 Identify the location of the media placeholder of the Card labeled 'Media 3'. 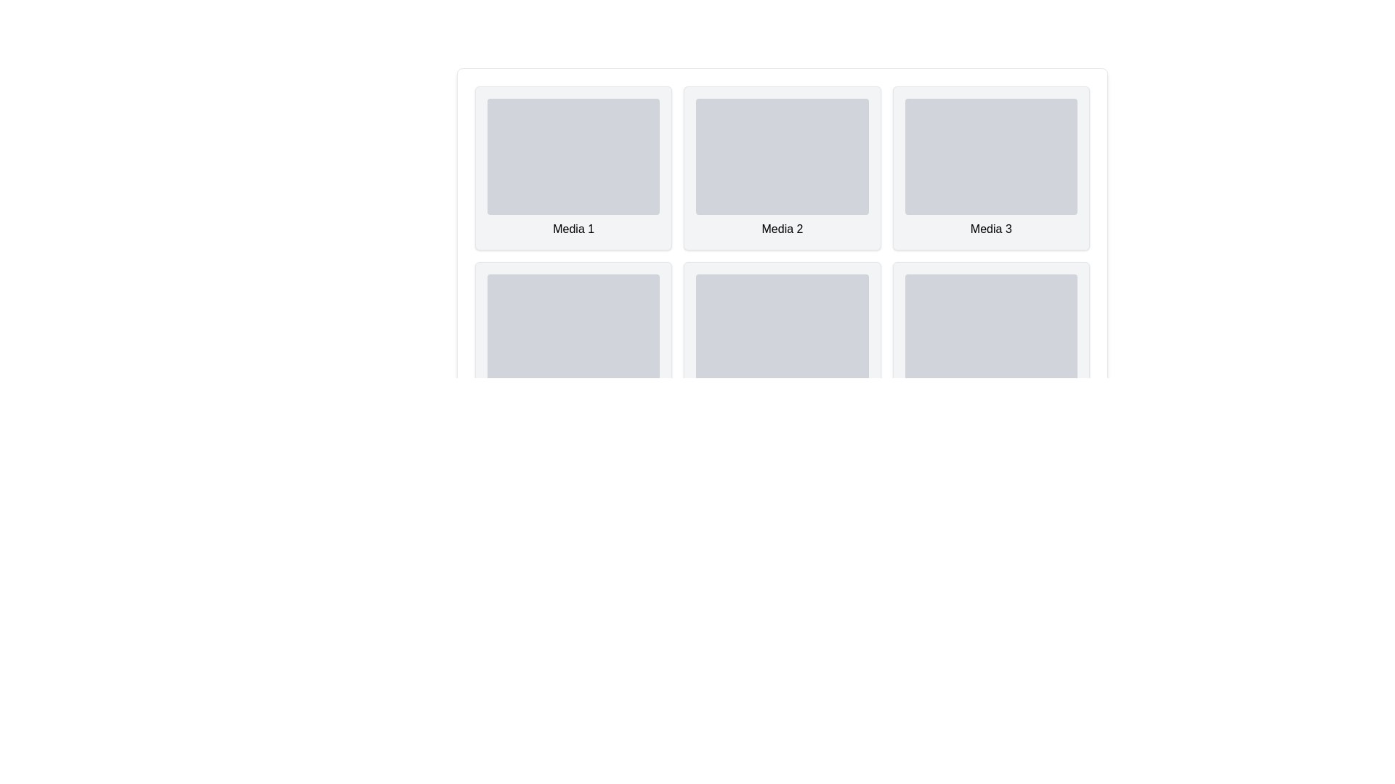
(990, 167).